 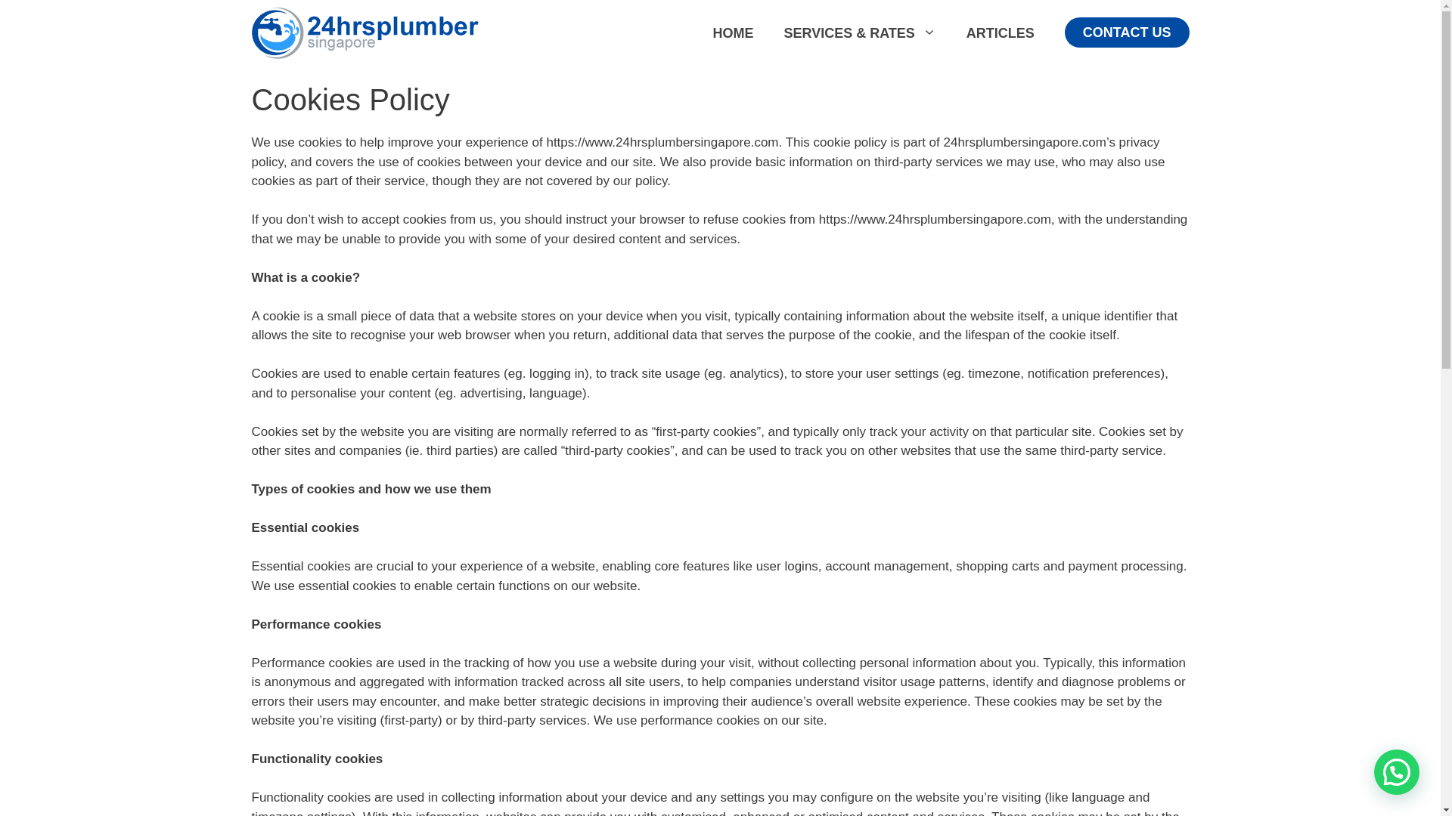 What do you see at coordinates (364, 32) in the screenshot?
I see `'Experienced Plumber Services'` at bounding box center [364, 32].